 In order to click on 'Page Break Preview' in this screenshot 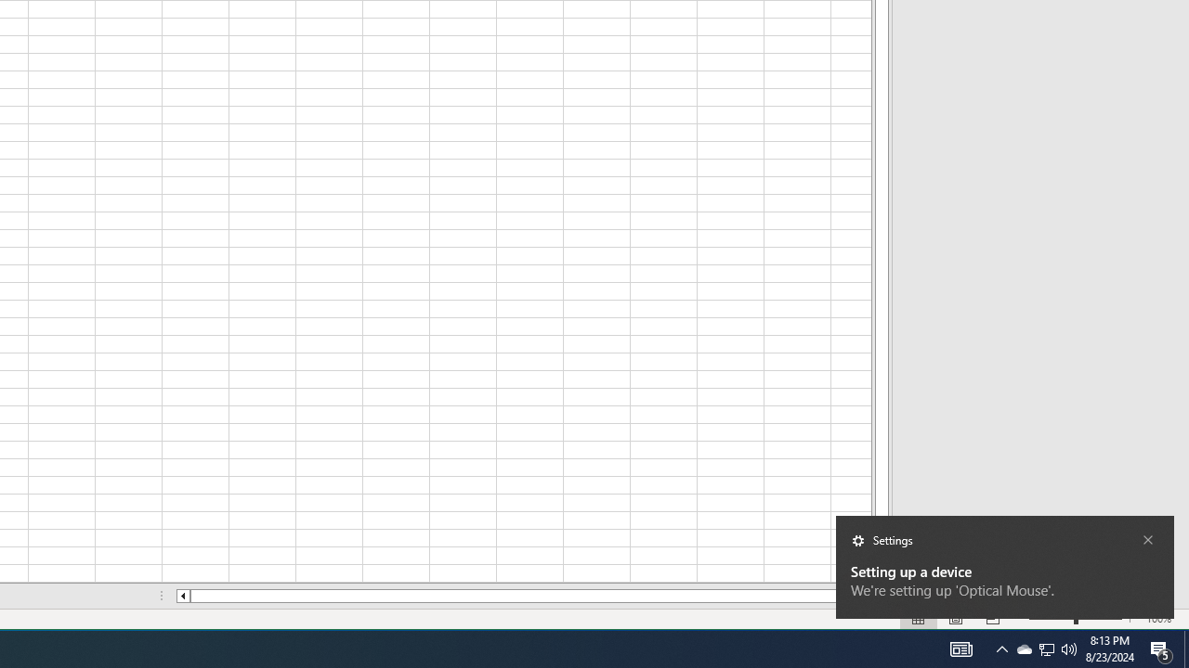, I will do `click(992, 619)`.